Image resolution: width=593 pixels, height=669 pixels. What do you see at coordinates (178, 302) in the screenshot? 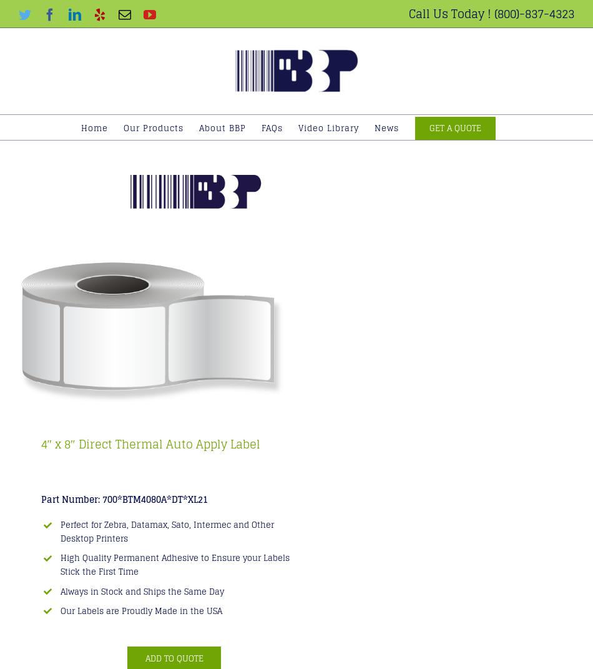
I see `'Polypropylene Labels'` at bounding box center [178, 302].